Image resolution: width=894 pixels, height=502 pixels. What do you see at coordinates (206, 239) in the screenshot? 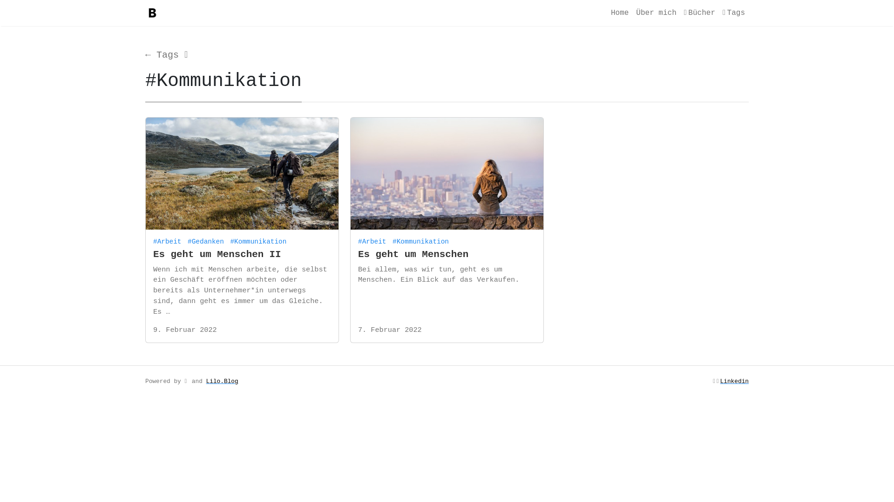
I see `'#Gedanken'` at bounding box center [206, 239].